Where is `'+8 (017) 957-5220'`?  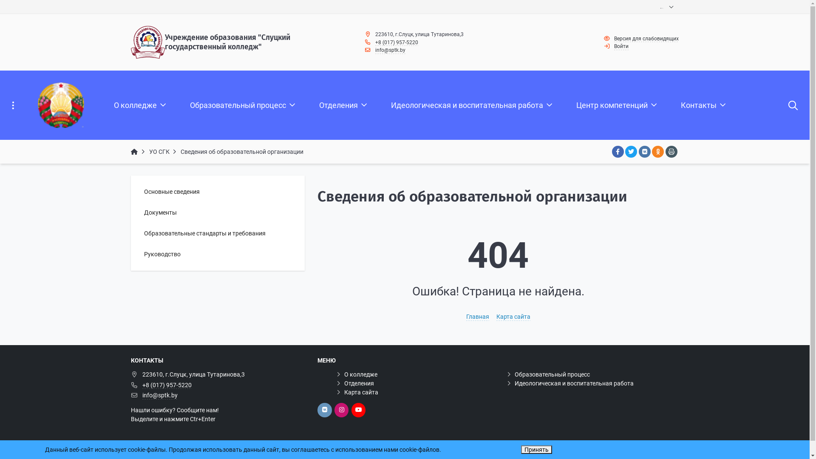 '+8 (017) 957-5220' is located at coordinates (167, 385).